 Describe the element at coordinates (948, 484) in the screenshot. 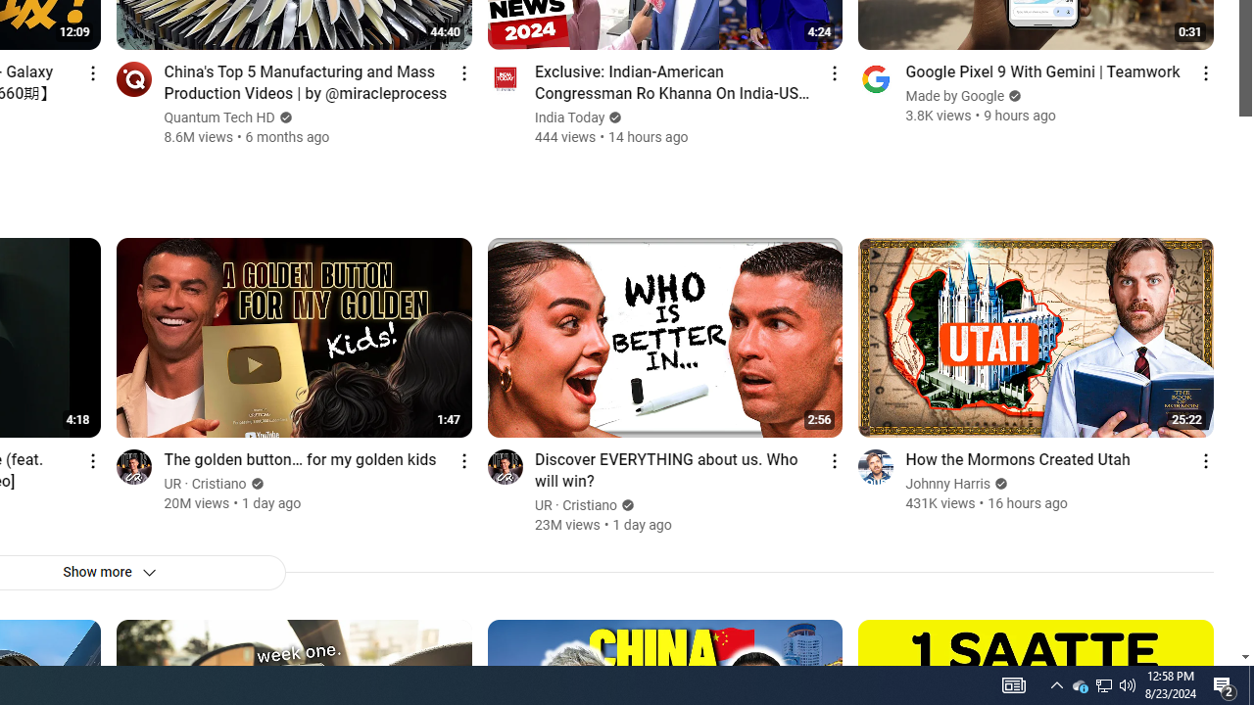

I see `'Johnny Harris'` at that location.